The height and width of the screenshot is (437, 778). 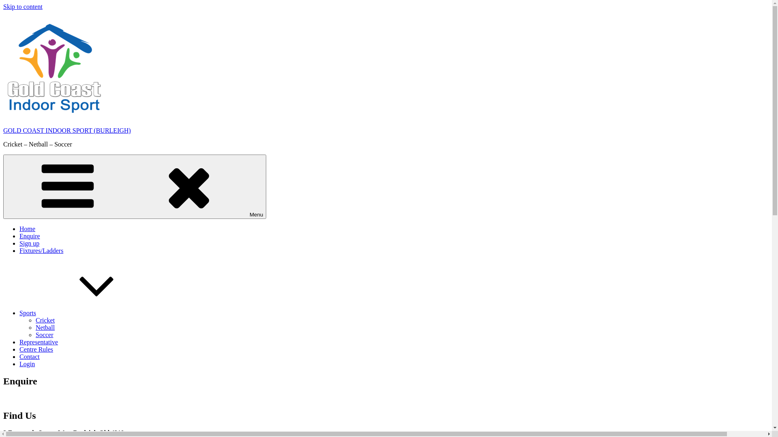 I want to click on 'Contact', so click(x=29, y=356).